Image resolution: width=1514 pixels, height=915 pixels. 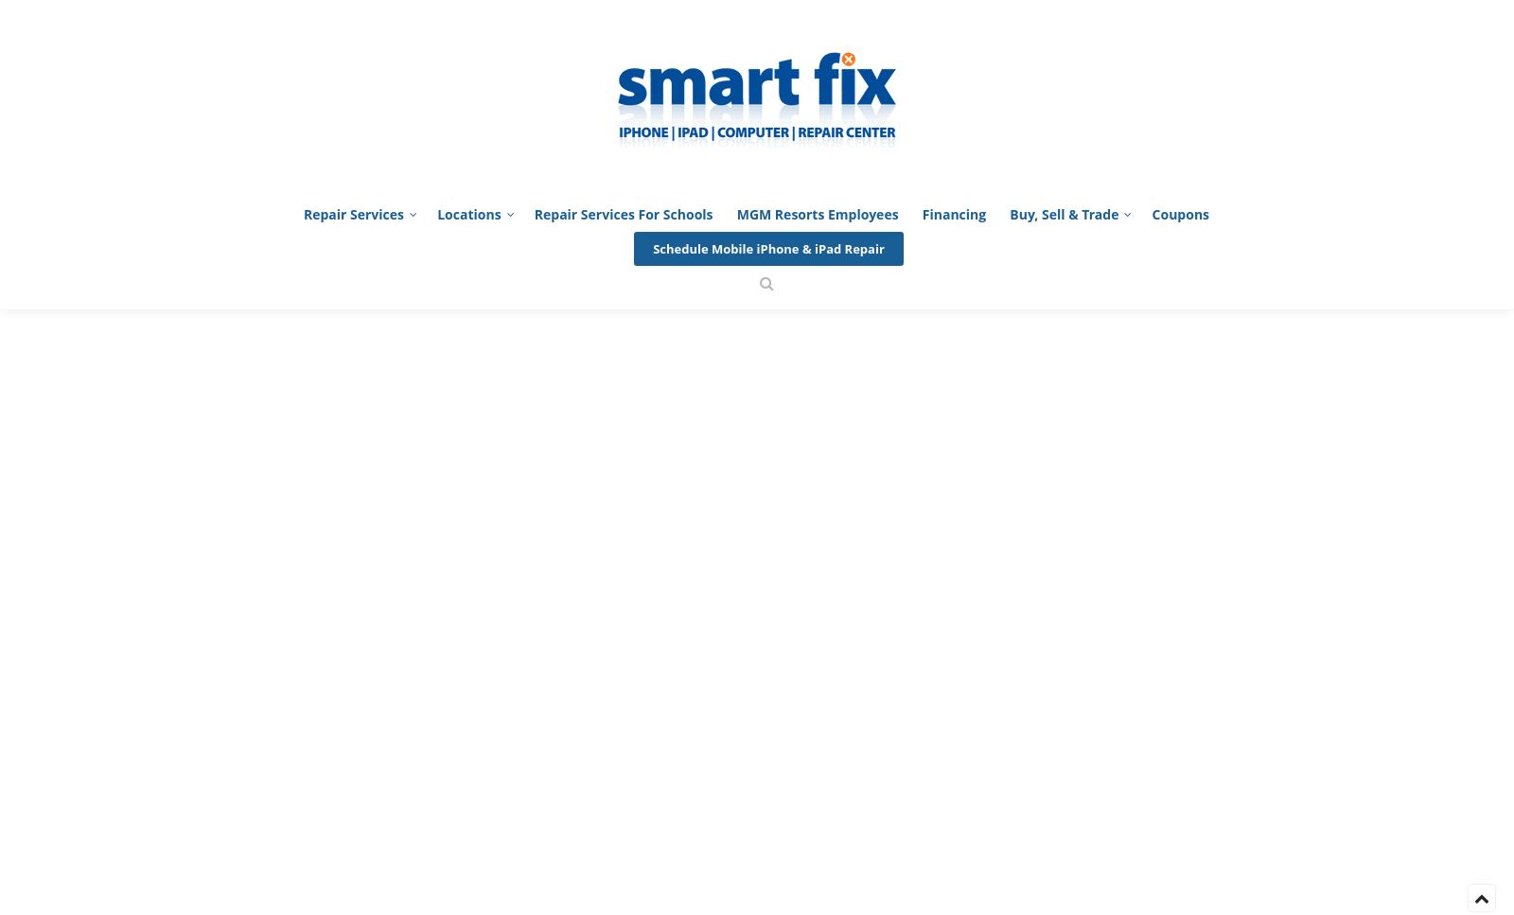 I want to click on 'iPhone 12 Pro Max', so click(x=352, y=527).